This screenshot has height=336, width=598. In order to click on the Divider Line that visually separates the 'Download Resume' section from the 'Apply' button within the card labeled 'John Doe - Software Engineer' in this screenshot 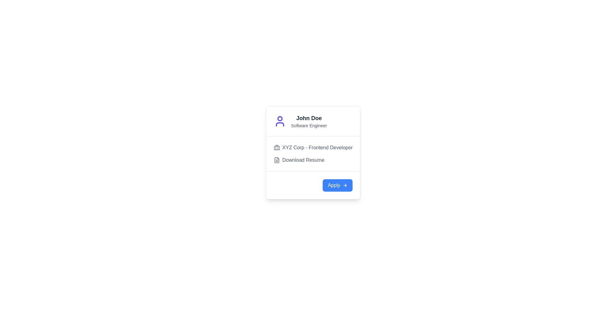, I will do `click(313, 171)`.